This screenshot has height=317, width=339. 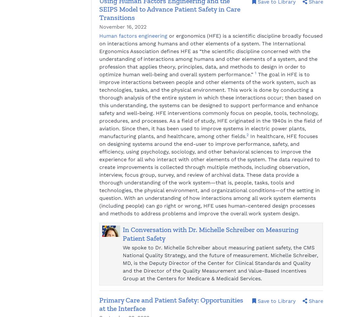 What do you see at coordinates (209, 175) in the screenshot?
I see `'In healthcare, HFE focuses on designing systems around the end-user to improve performance, safety, and efficiency, using psychology, sociology, and other behavioral sciences to improve the experience for all who interact with other elements of the system. The data required to create improvements is collected through multiple methods, including observation, interview, focus group, survey, and review of archival data. These data provide a thorough understanding of the work system—that is, people, tasks, tools and technologies, the physical environment, and organizational conditions—of the setting in question. With an understanding of how interactions among all work system elements (including people) can go right or wrong, HFE uses human-centered design processes and methods to address problems and improve the overall work system design.'` at bounding box center [209, 175].